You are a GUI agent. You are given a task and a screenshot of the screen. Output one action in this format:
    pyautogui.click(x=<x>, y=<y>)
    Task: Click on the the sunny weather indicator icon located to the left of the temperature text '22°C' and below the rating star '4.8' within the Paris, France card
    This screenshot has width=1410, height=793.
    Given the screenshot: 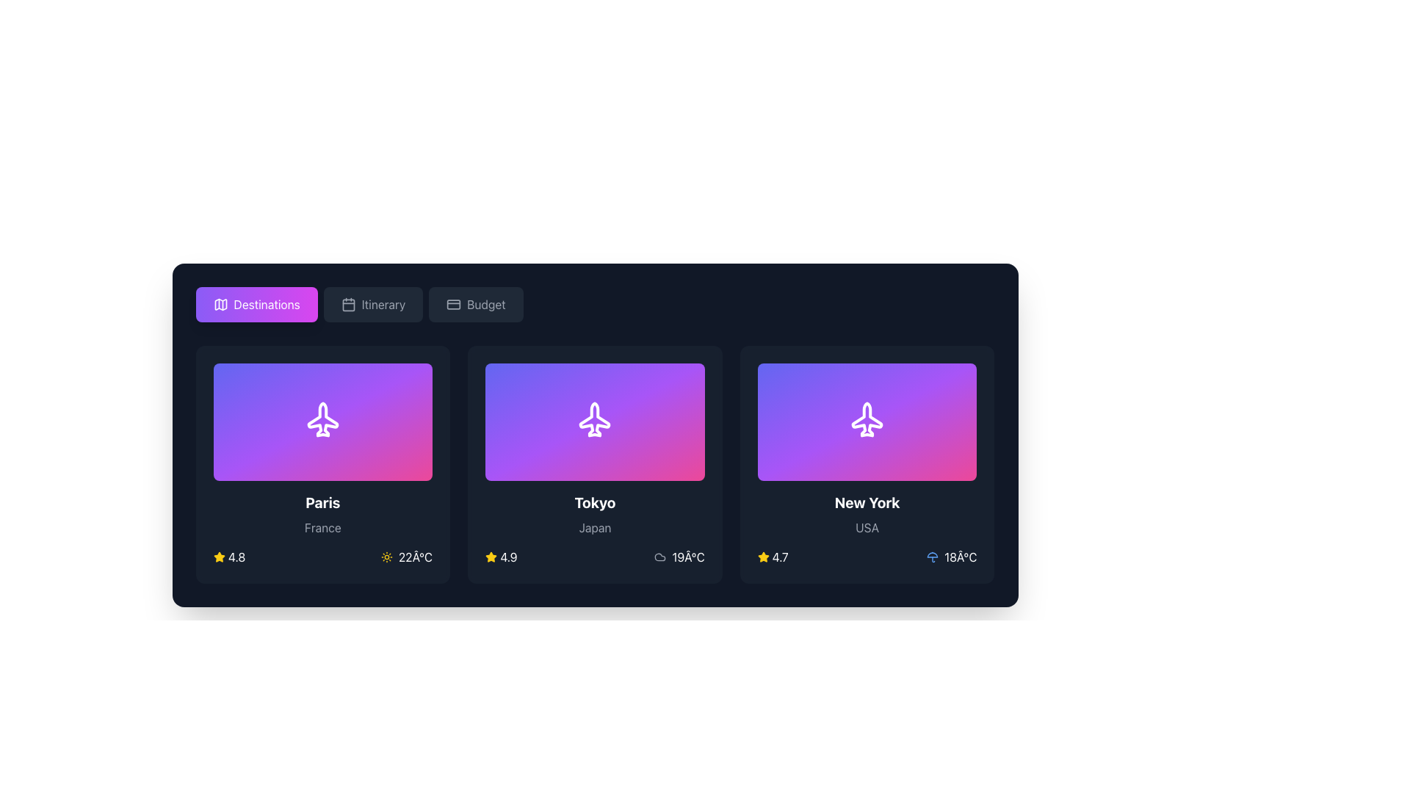 What is the action you would take?
    pyautogui.click(x=386, y=557)
    